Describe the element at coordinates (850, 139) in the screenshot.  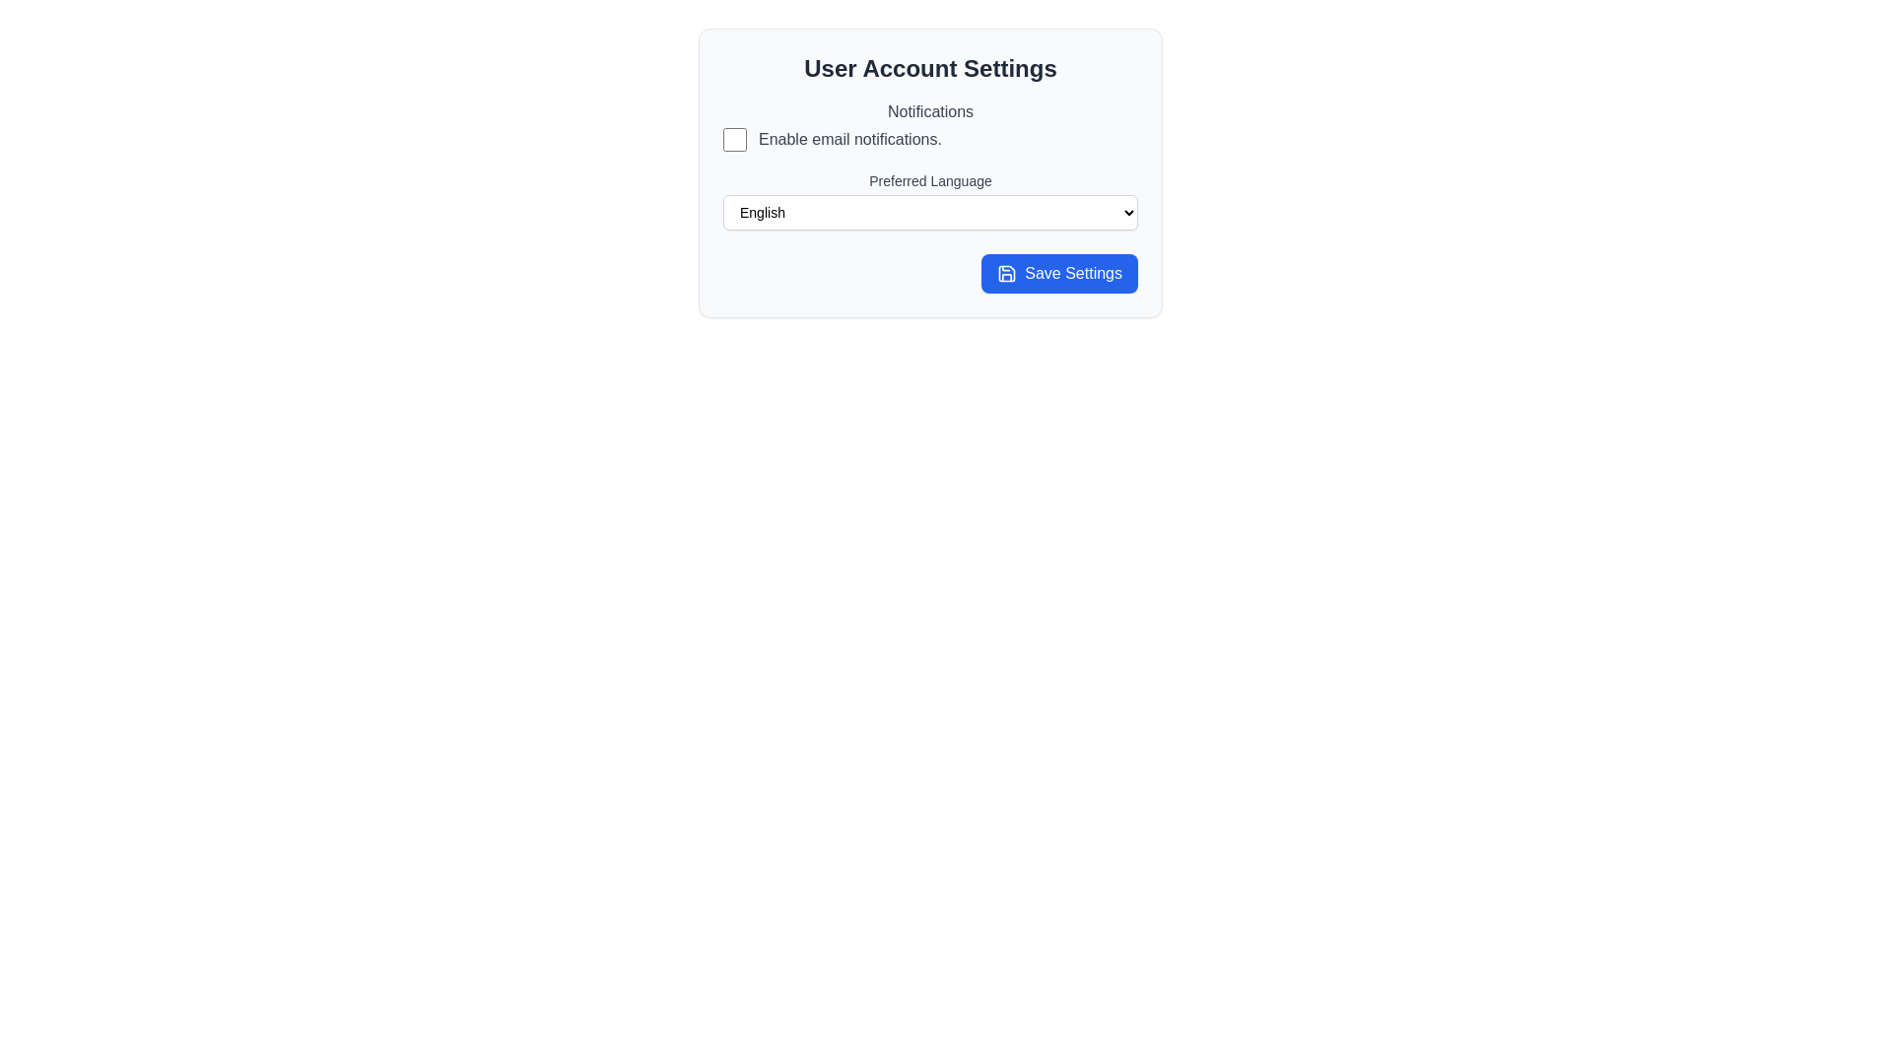
I see `the text label displaying 'Enable email notifications.' which is aligned horizontally next to a checkbox in the 'User Account Settings' section under the 'Notifications' heading` at that location.